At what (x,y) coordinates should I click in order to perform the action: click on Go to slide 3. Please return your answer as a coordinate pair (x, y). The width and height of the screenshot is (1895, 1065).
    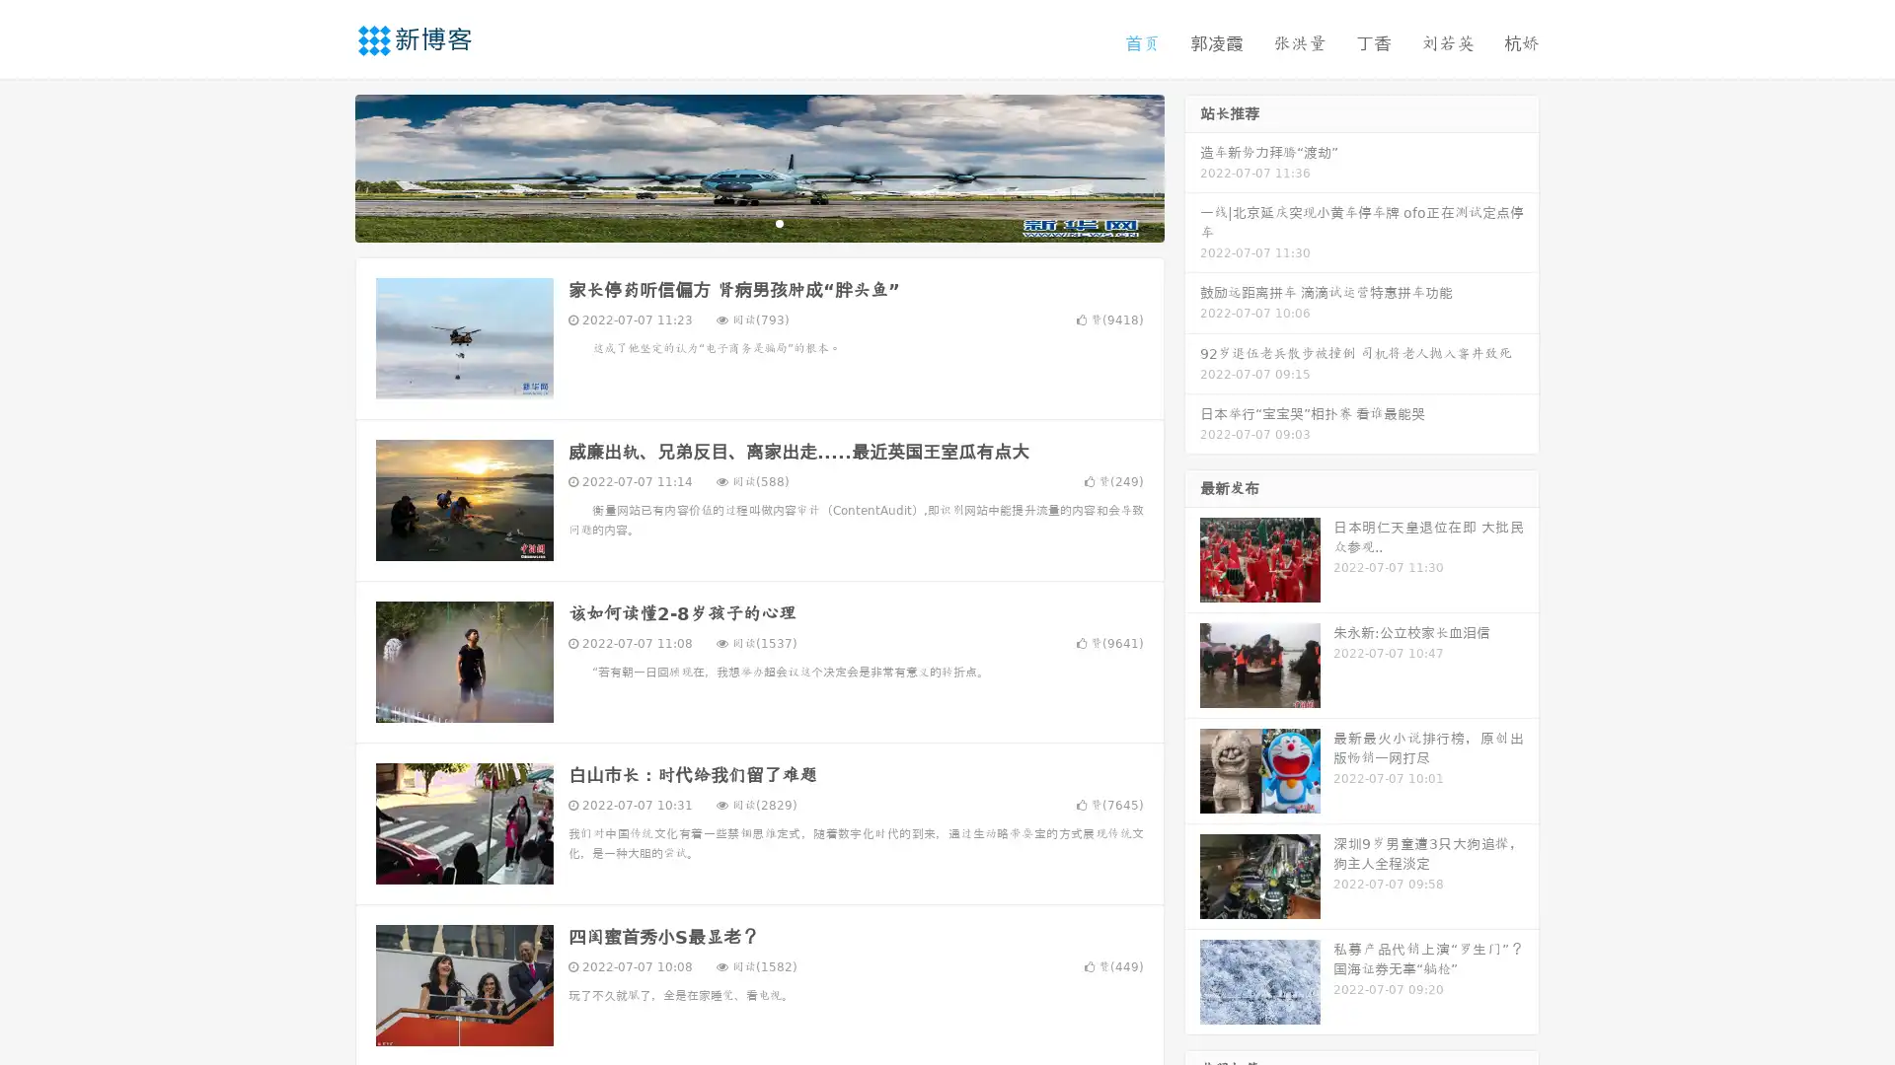
    Looking at the image, I should click on (779, 222).